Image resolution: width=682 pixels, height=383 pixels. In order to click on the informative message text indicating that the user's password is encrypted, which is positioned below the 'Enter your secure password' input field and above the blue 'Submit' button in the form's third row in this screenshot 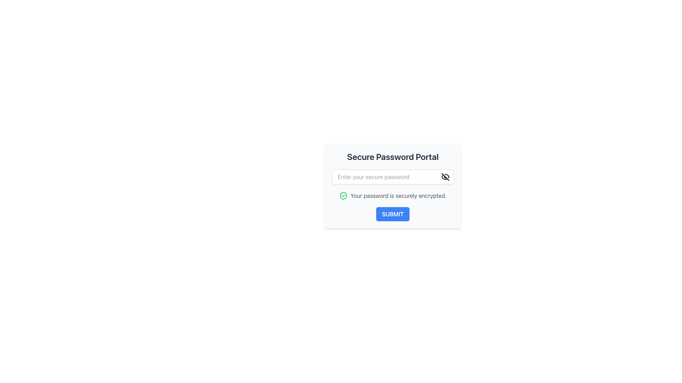, I will do `click(392, 195)`.